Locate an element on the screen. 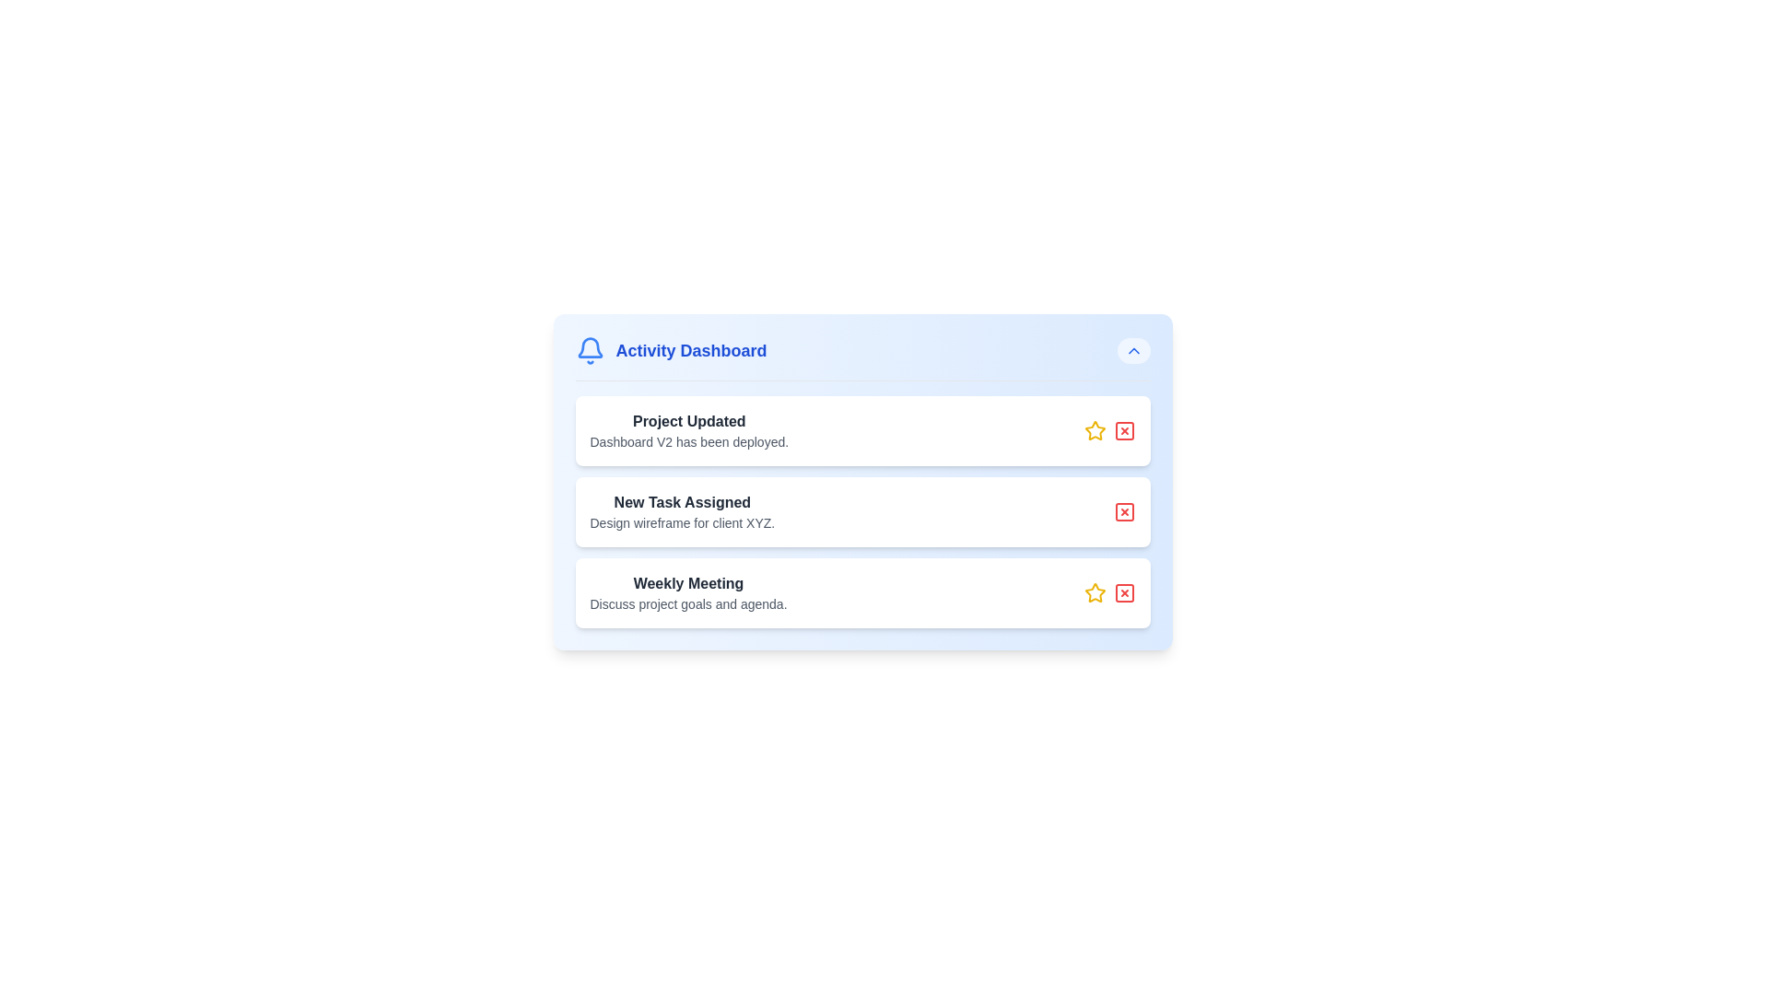  the star or 'X' icon of the Interactive action component in the third row titled 'Weekly Meeting' under the 'Activity Dashboard' section is located at coordinates (1108, 593).